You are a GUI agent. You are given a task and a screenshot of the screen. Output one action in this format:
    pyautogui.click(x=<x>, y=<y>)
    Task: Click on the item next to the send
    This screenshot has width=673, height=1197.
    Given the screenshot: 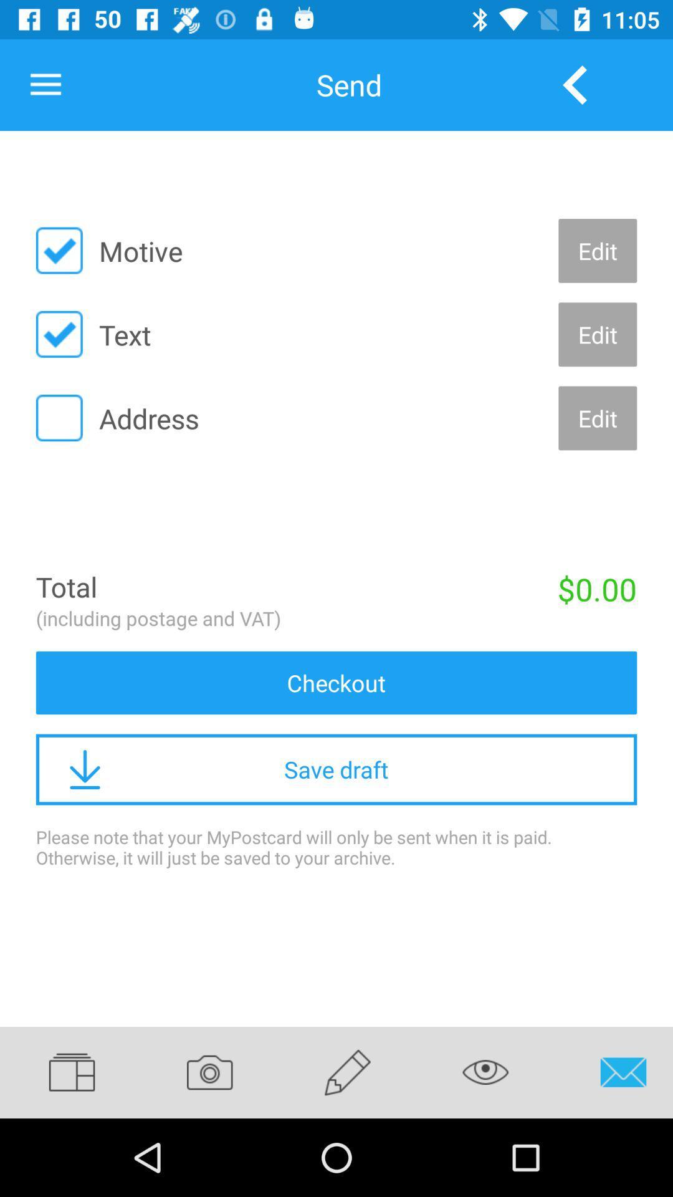 What is the action you would take?
    pyautogui.click(x=45, y=84)
    